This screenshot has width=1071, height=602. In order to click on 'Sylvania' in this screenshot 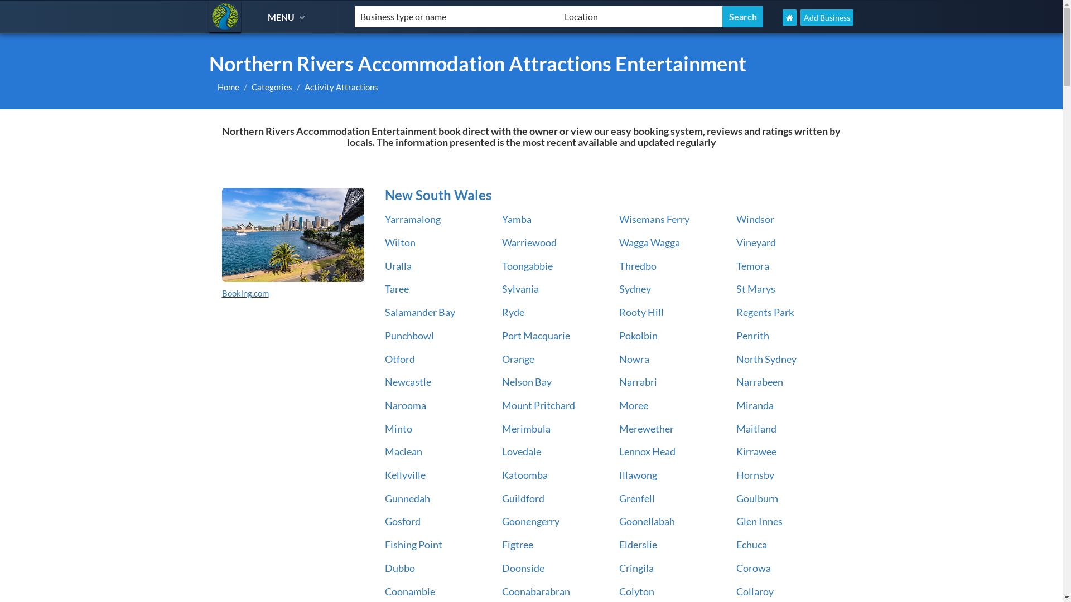, I will do `click(519, 288)`.